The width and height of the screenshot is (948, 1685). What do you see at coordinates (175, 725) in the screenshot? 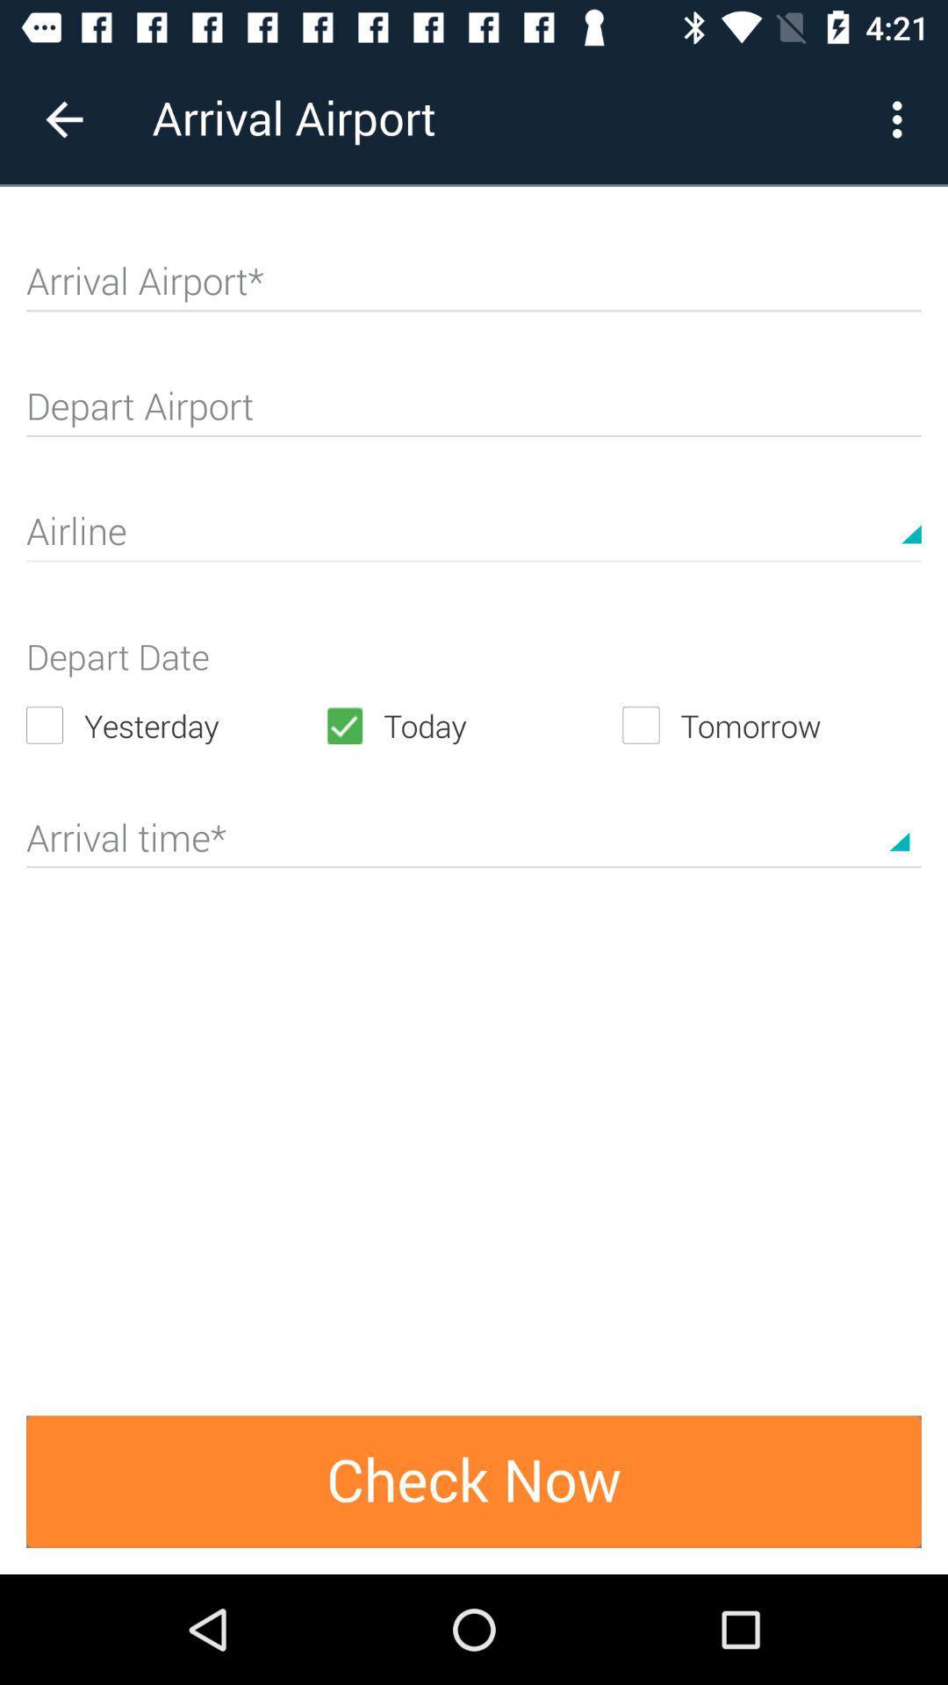
I see `the yesterday` at bounding box center [175, 725].